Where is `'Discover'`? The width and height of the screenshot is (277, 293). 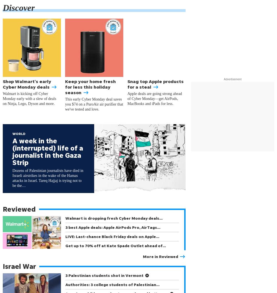
'Discover' is located at coordinates (3, 7).